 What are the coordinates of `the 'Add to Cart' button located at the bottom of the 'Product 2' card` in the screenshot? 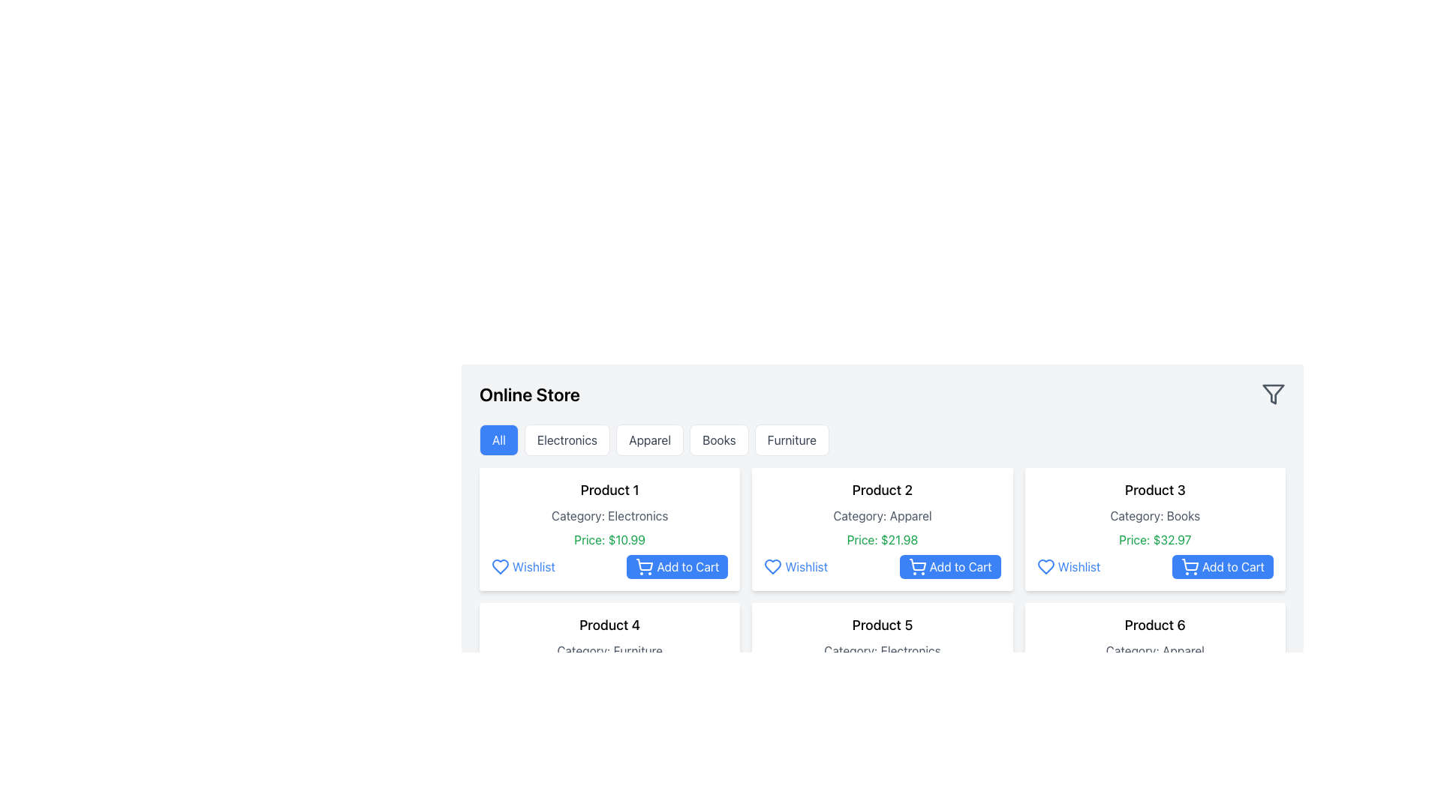 It's located at (883, 567).